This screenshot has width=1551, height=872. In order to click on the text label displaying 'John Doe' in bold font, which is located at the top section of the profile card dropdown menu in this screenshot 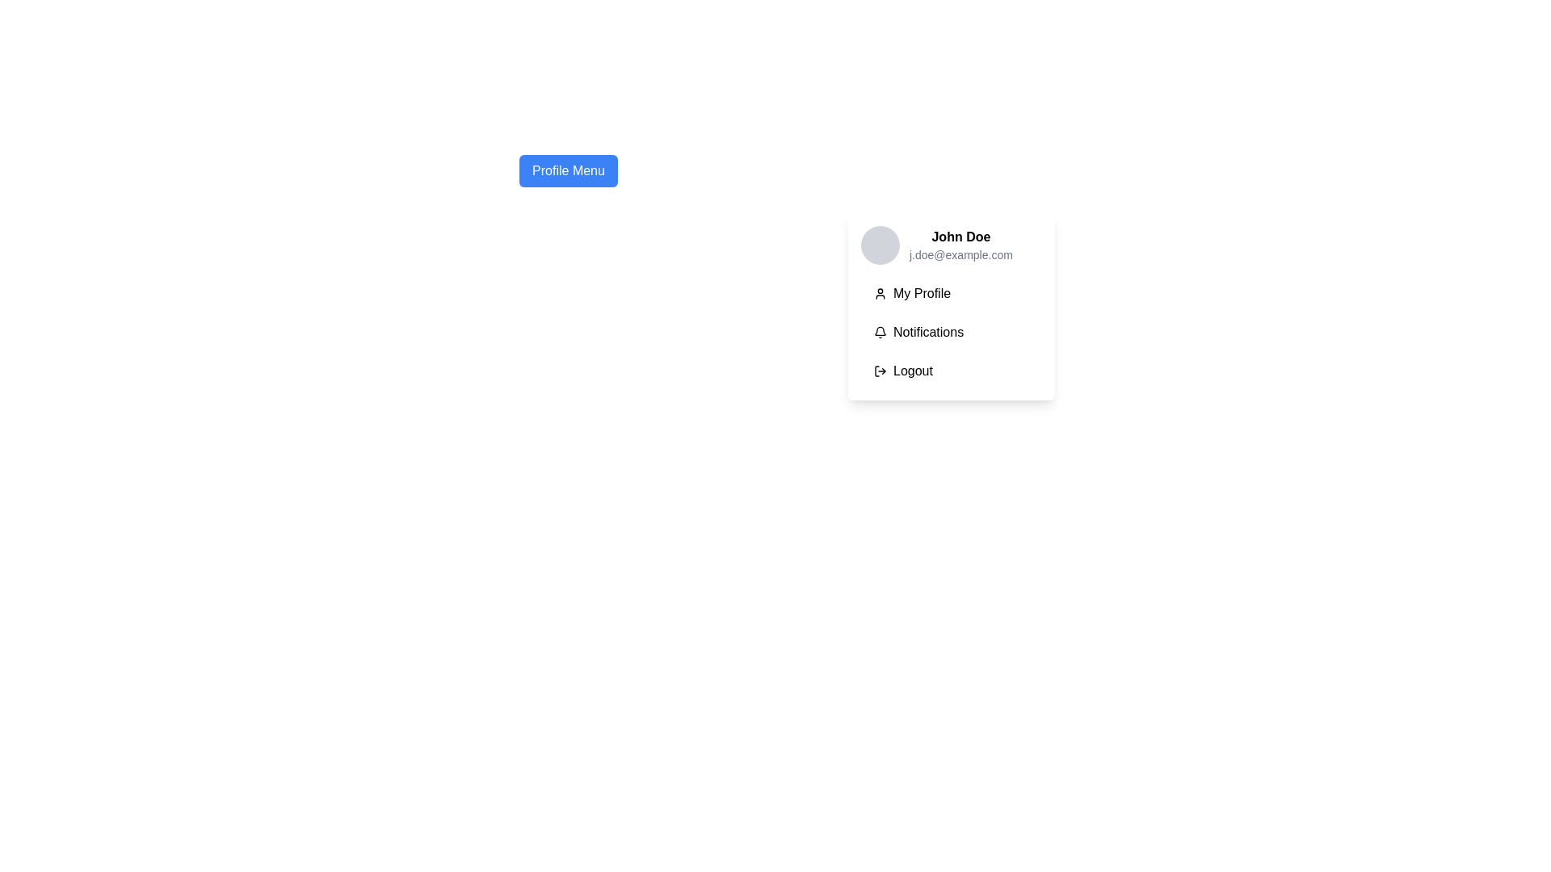, I will do `click(960, 237)`.